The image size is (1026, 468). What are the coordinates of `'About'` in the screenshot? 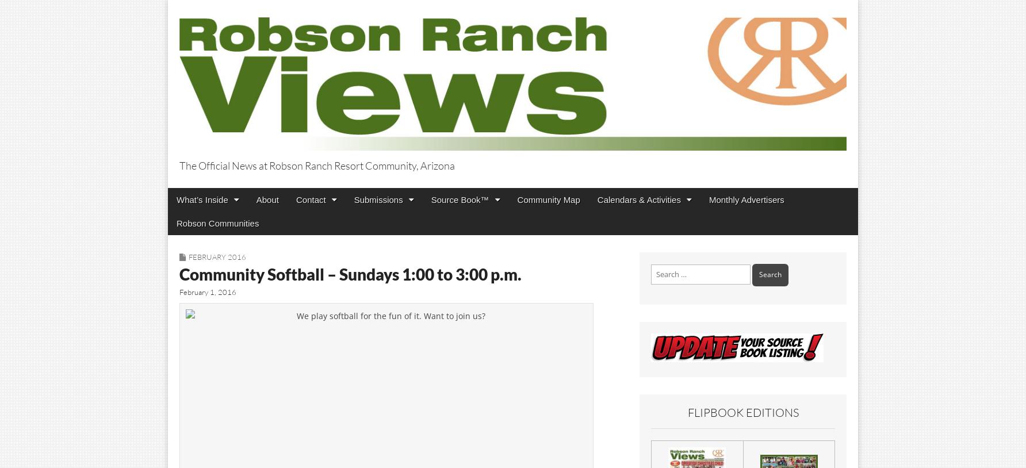 It's located at (267, 199).